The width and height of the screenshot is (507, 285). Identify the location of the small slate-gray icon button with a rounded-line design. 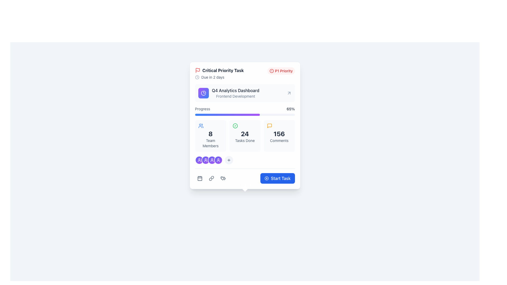
(223, 178).